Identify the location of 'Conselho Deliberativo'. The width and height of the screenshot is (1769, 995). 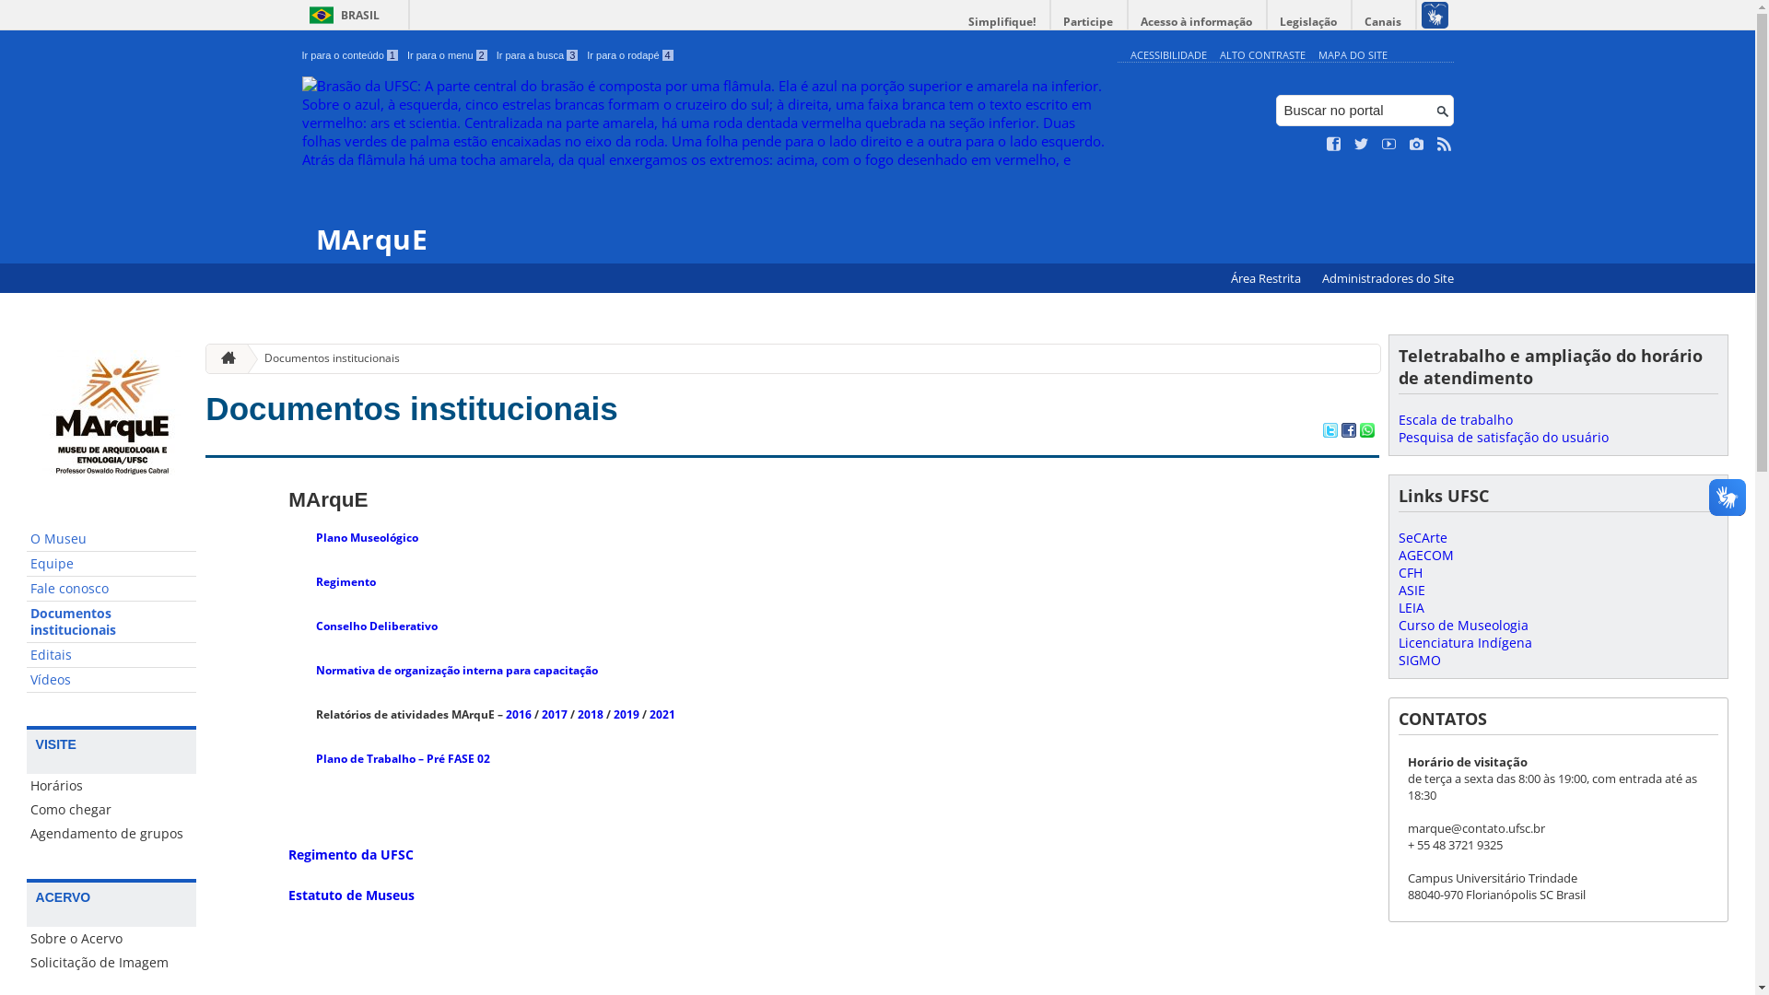
(375, 625).